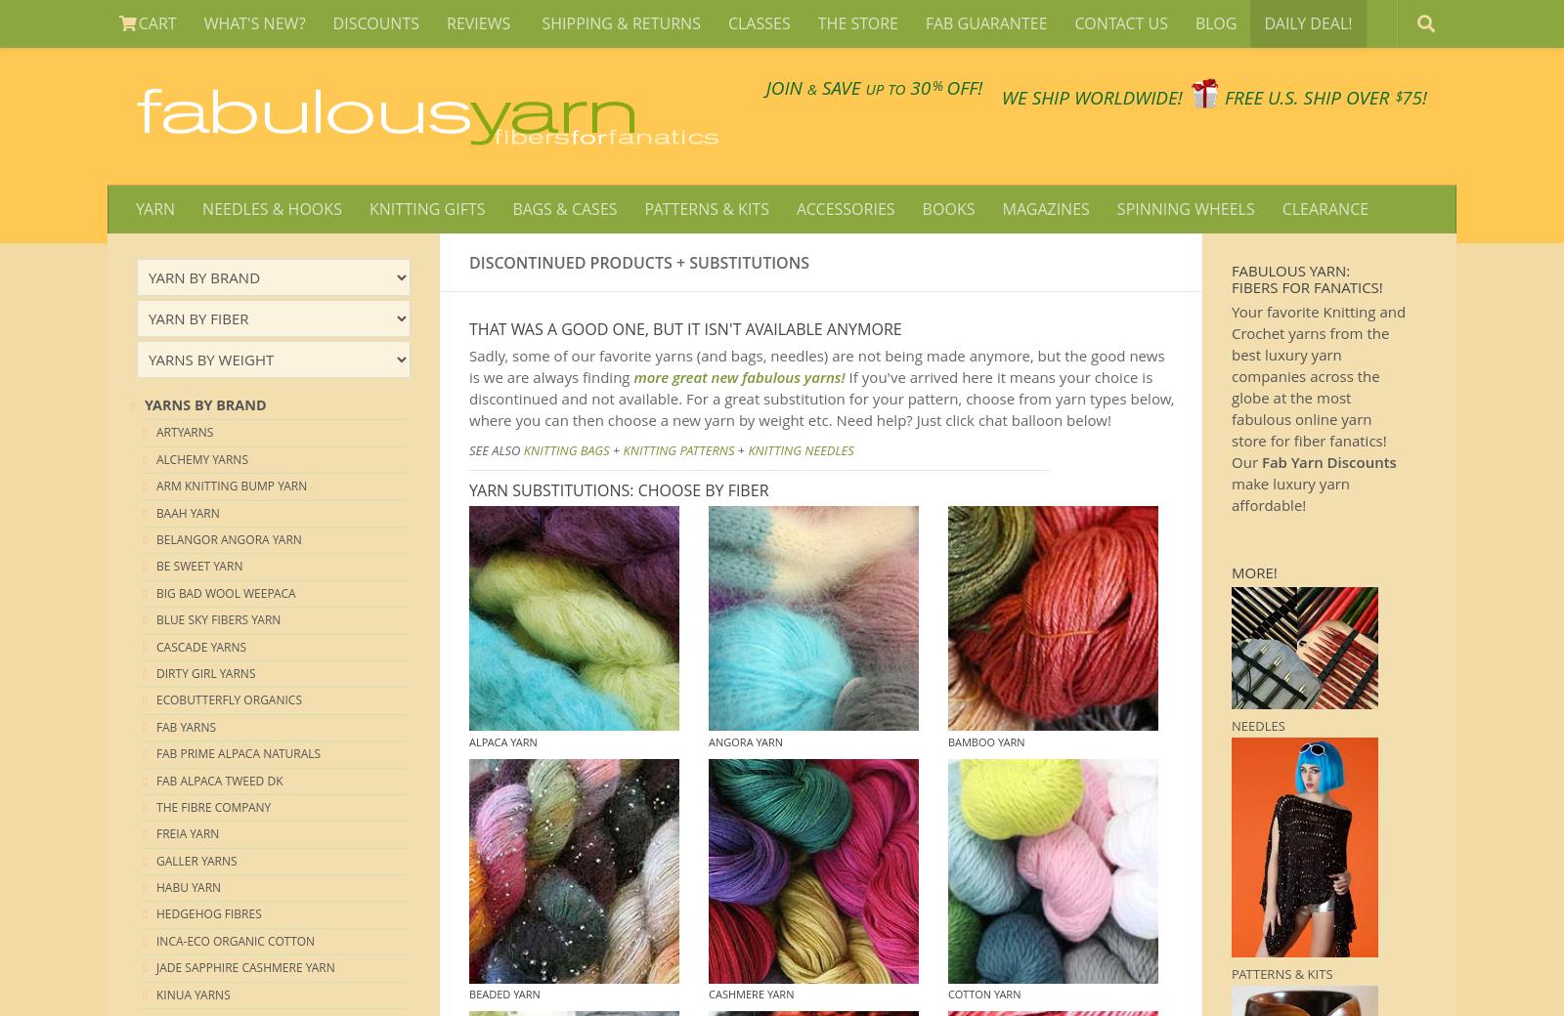 Image resolution: width=1564 pixels, height=1016 pixels. Describe the element at coordinates (183, 432) in the screenshot. I see `'Artyarns'` at that location.